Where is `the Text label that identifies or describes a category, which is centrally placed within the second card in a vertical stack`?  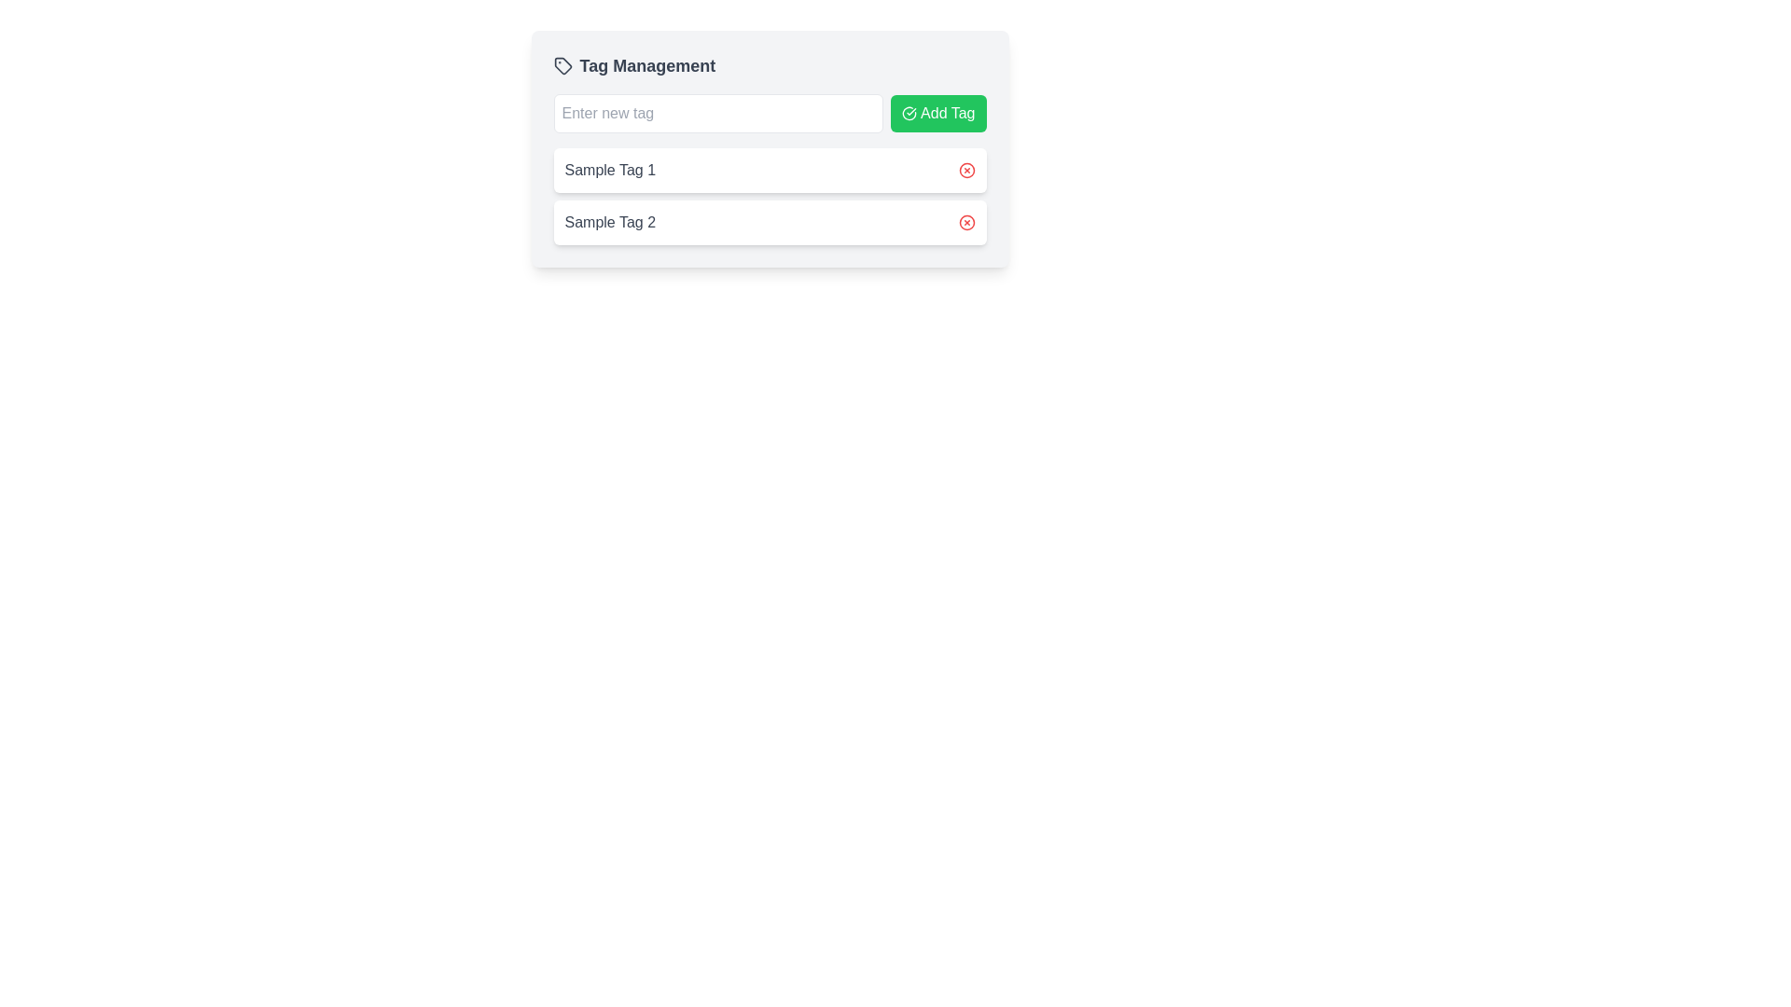 the Text label that identifies or describes a category, which is centrally placed within the second card in a vertical stack is located at coordinates (610, 222).